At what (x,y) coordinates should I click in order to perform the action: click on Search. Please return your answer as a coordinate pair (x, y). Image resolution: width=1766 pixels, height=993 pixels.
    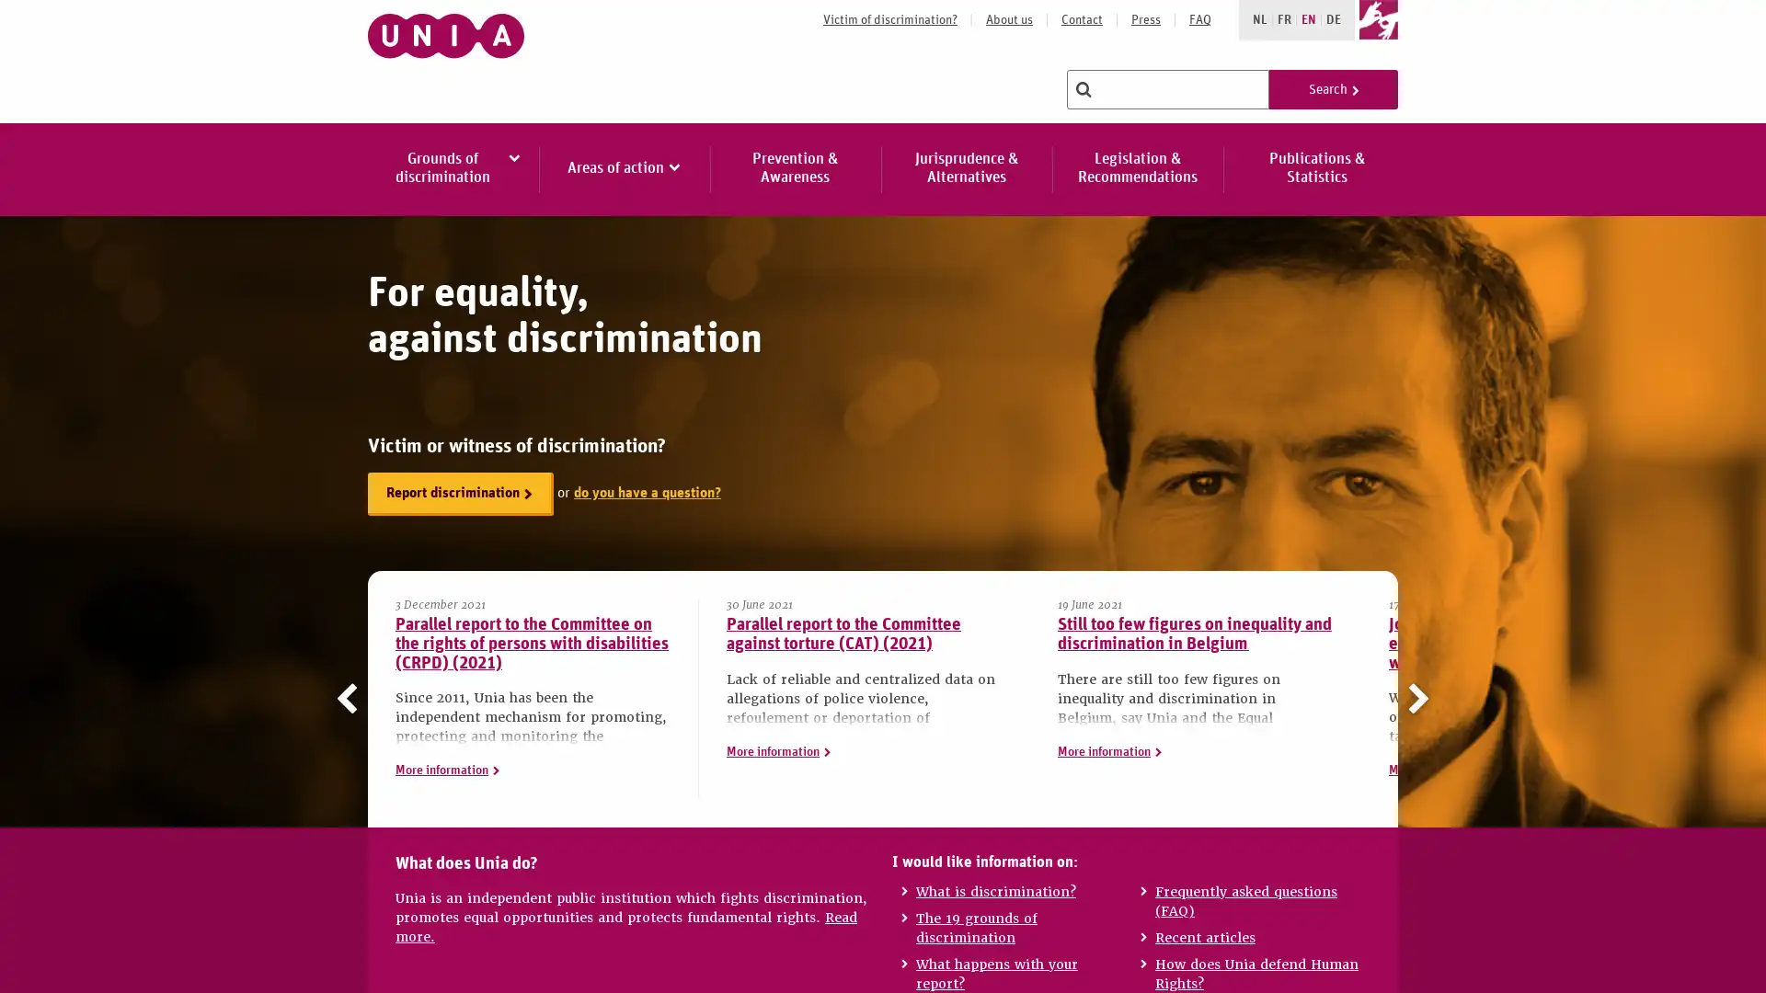
    Looking at the image, I should click on (1333, 88).